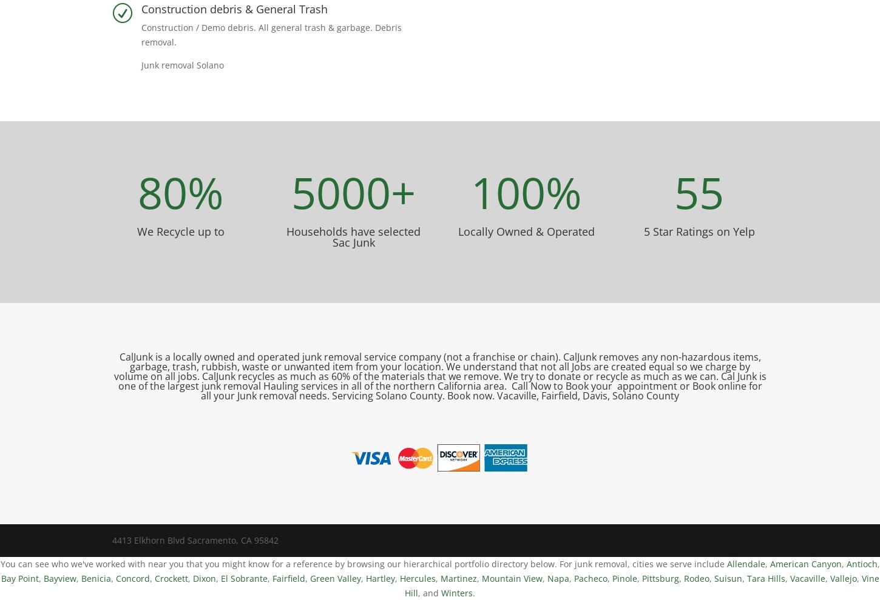  What do you see at coordinates (861, 563) in the screenshot?
I see `'Antioch'` at bounding box center [861, 563].